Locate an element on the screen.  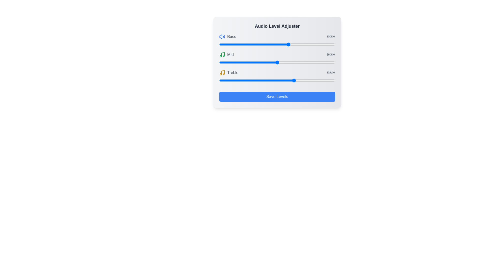
blue speaker icon with a soundwave indicating volume located to the left of the 'Bass' label in the audio adjustment interface is located at coordinates (222, 36).